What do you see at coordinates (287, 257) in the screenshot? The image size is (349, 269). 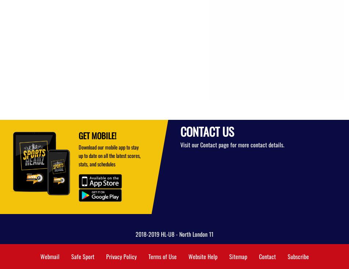 I see `'Subscribe'` at bounding box center [287, 257].